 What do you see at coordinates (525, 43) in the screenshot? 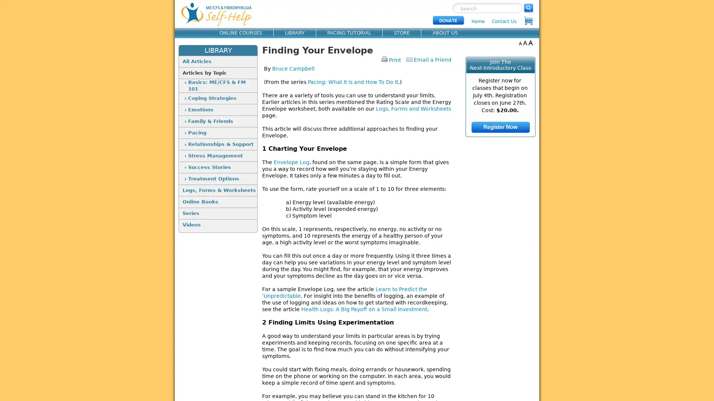
I see `A` at bounding box center [525, 43].